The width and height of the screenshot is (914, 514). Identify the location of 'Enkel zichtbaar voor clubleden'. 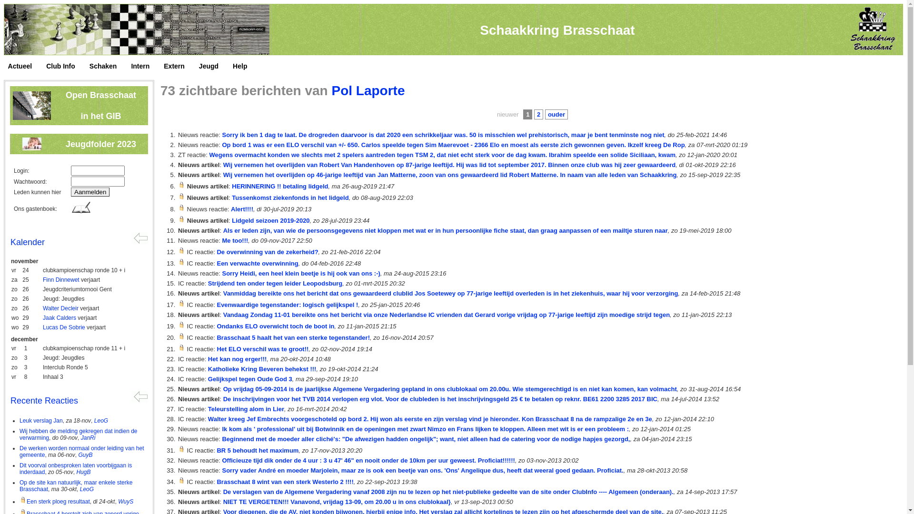
(178, 262).